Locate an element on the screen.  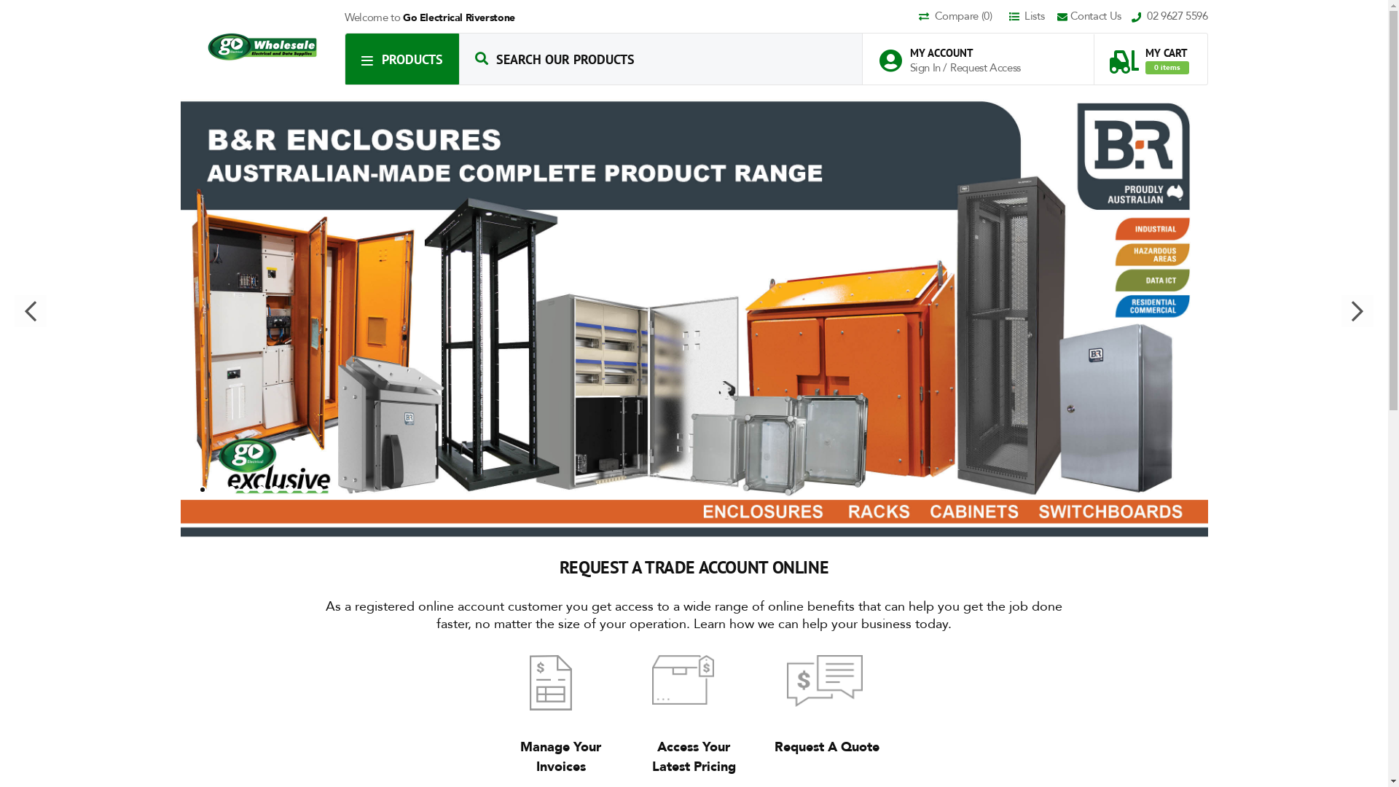
'1' is located at coordinates (187, 489).